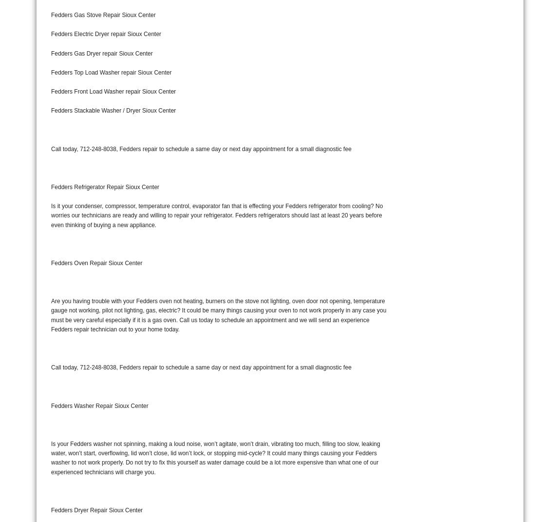 The image size is (560, 522). Describe the element at coordinates (106, 34) in the screenshot. I see `'Fedders Electric Dryer repair Sioux Center'` at that location.